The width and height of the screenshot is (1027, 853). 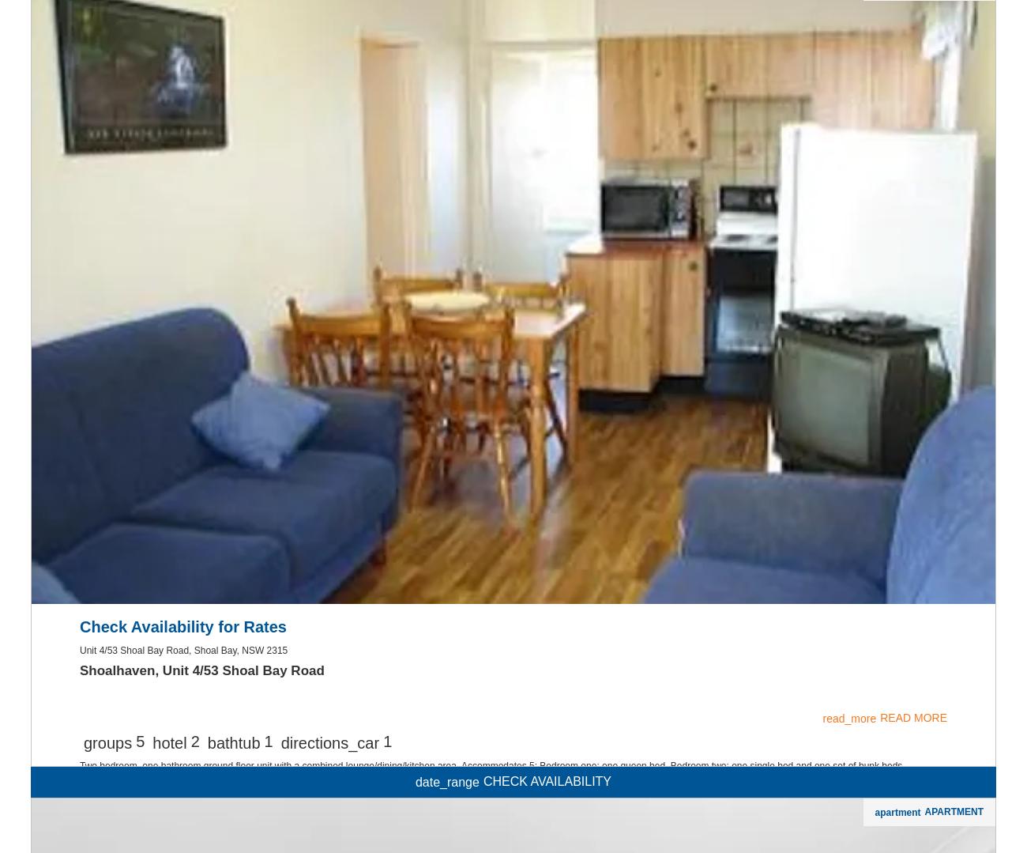 What do you see at coordinates (513, 241) in the screenshot?
I see `'Air Con'` at bounding box center [513, 241].